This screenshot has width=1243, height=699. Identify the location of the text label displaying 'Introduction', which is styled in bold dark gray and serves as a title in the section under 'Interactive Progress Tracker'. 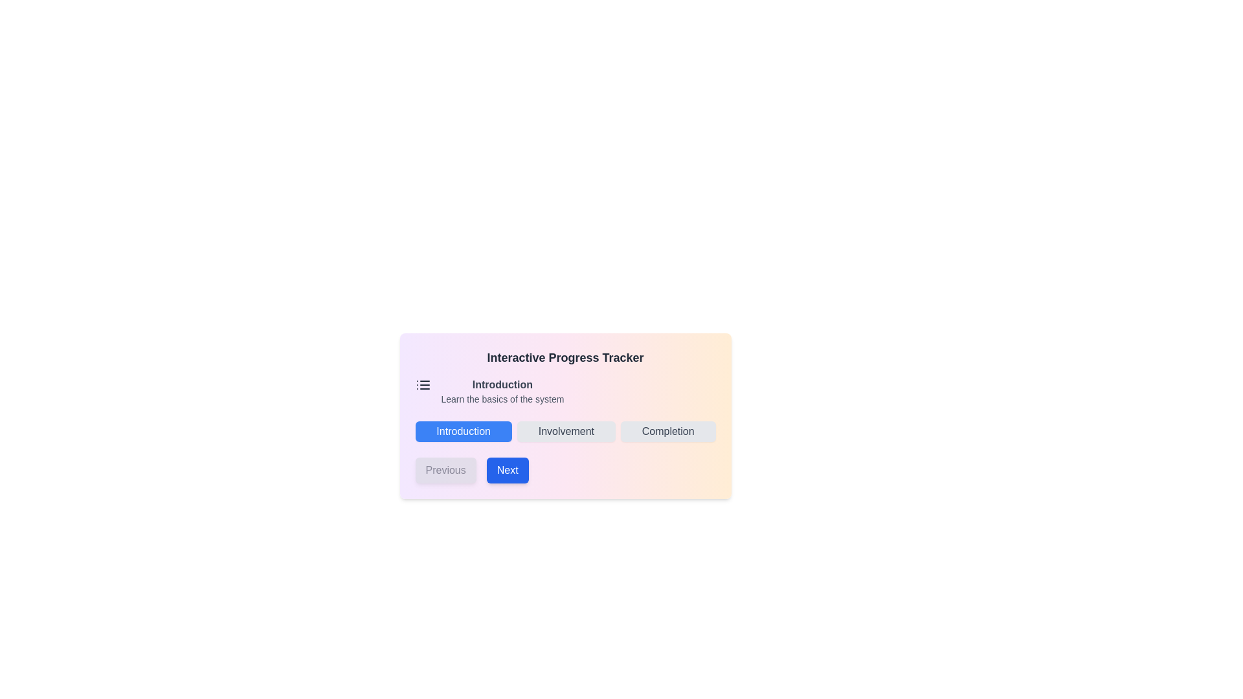
(502, 384).